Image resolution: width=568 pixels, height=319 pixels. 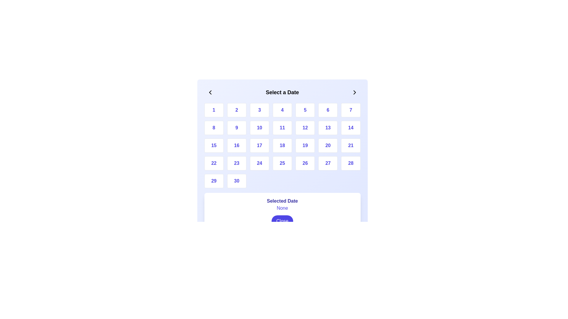 I want to click on the square-shaped button with rounded corners, white background, dark indigo border, and centered indigo text '8', so click(x=214, y=127).